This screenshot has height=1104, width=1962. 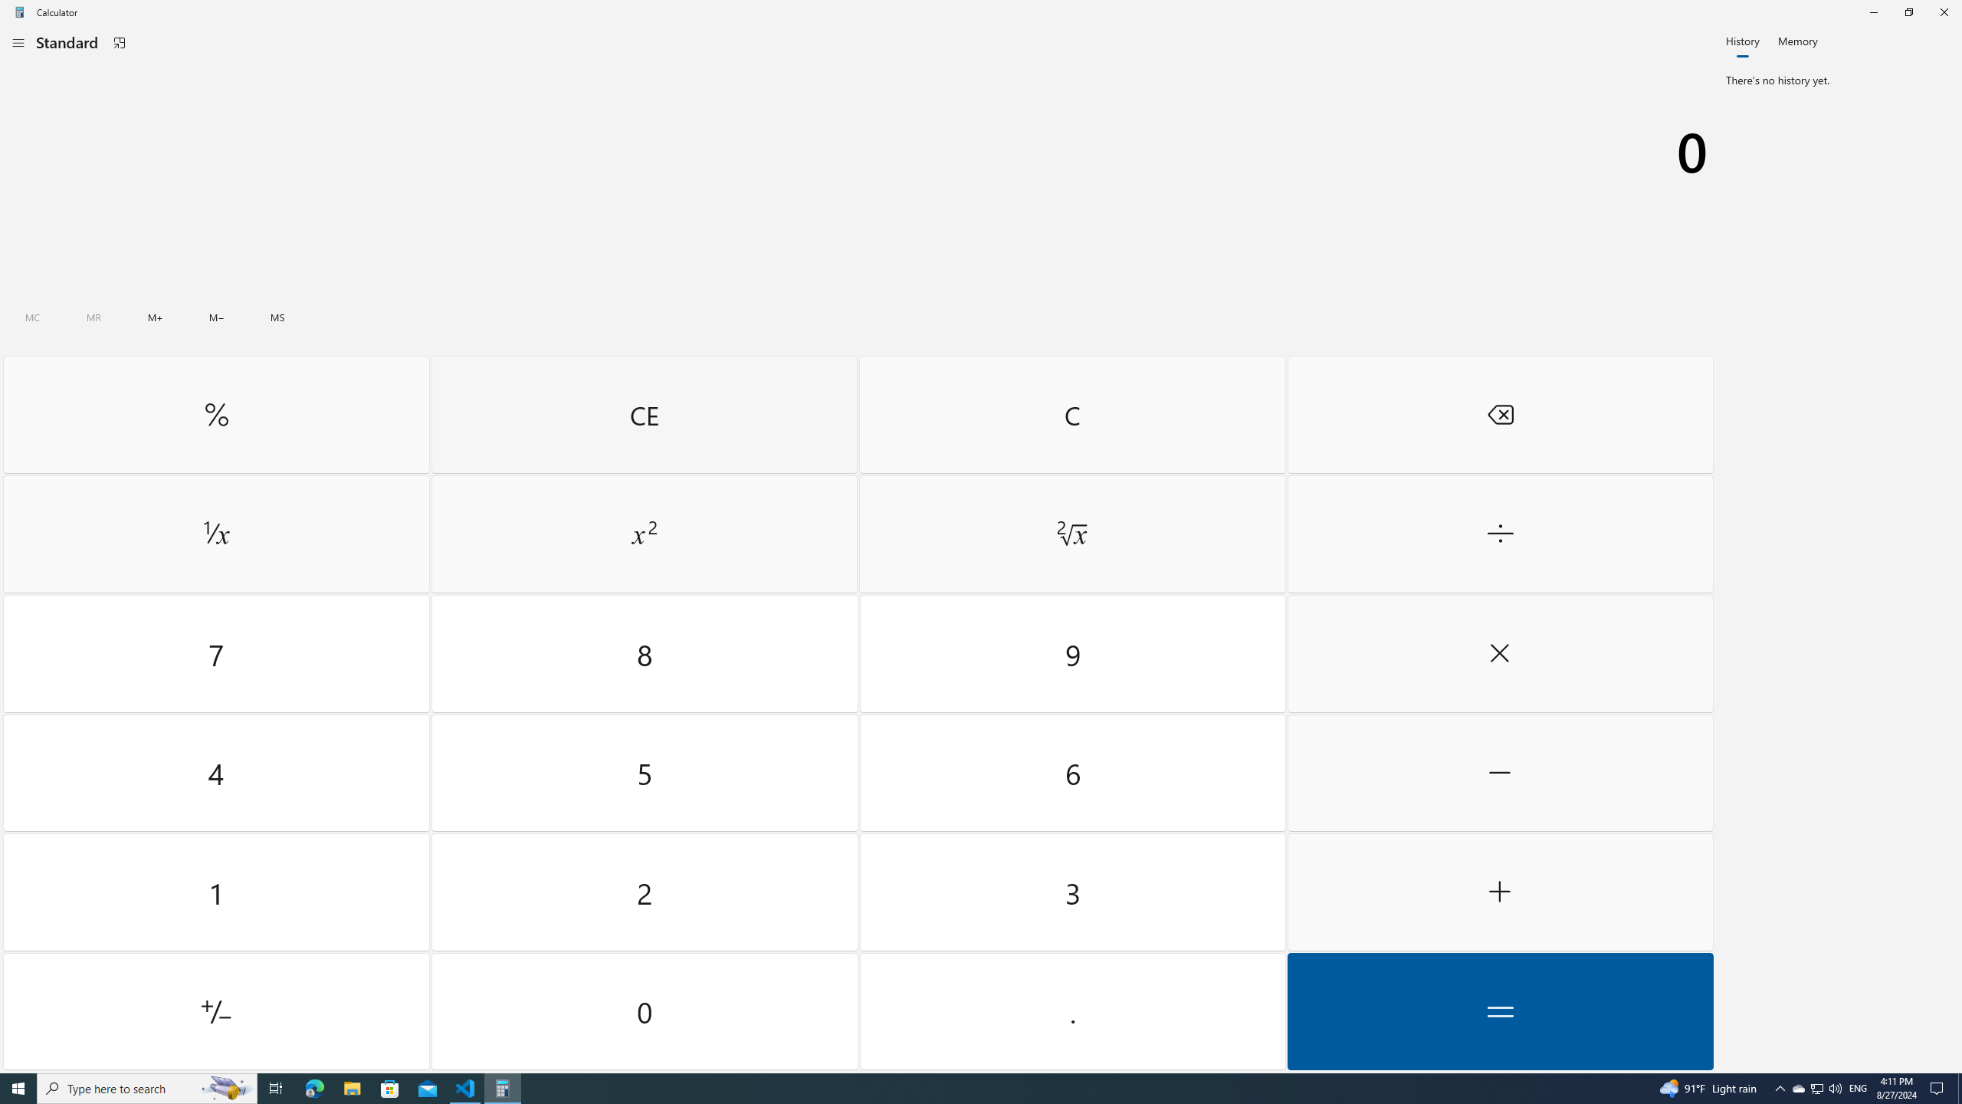 What do you see at coordinates (32, 317) in the screenshot?
I see `'Clear all memory'` at bounding box center [32, 317].